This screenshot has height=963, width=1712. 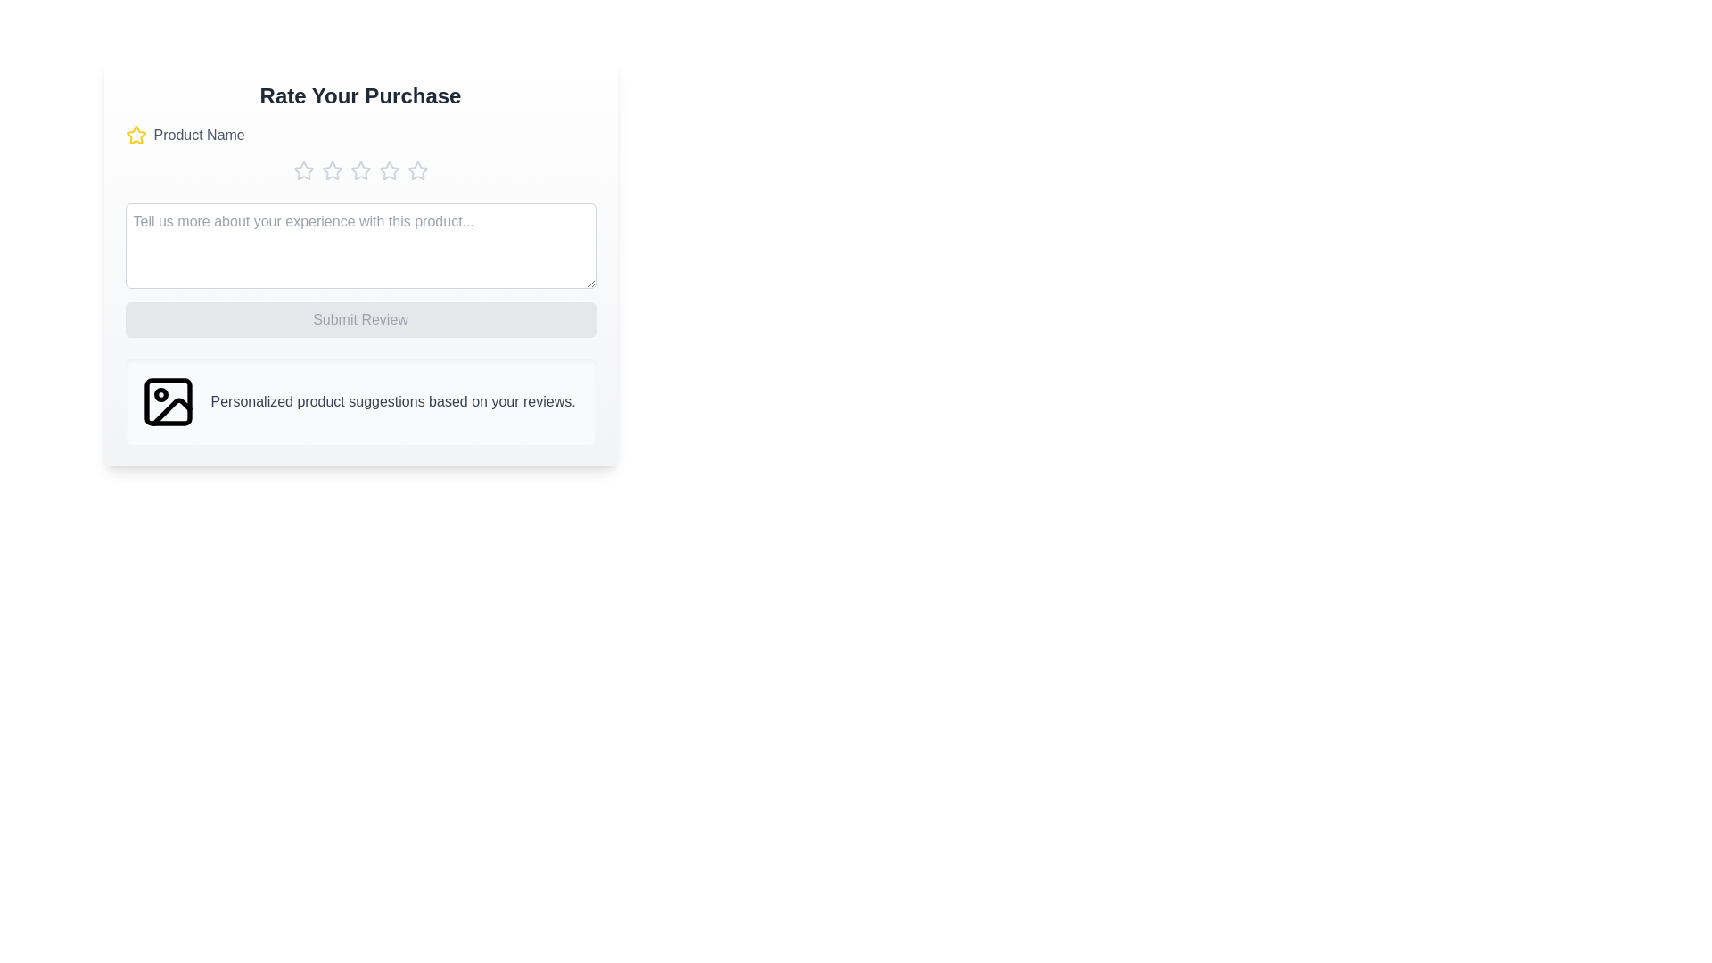 What do you see at coordinates (416, 171) in the screenshot?
I see `the star corresponding to the rating 5` at bounding box center [416, 171].